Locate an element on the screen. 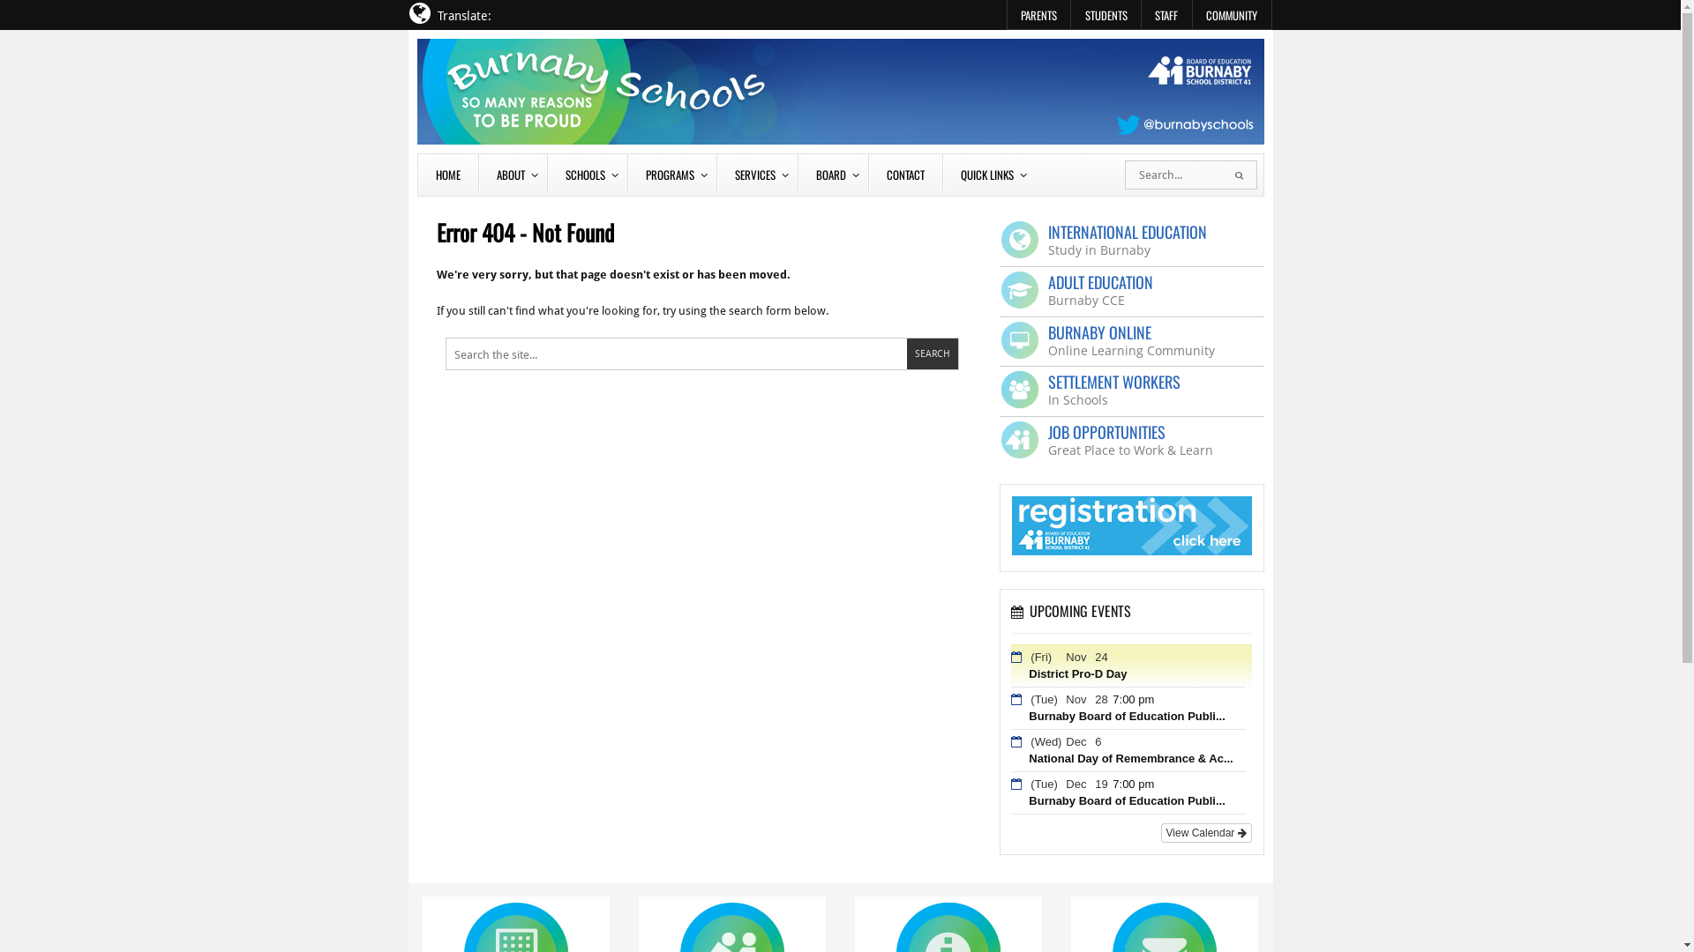 The height and width of the screenshot is (952, 1694). 'Search' is located at coordinates (931, 353).